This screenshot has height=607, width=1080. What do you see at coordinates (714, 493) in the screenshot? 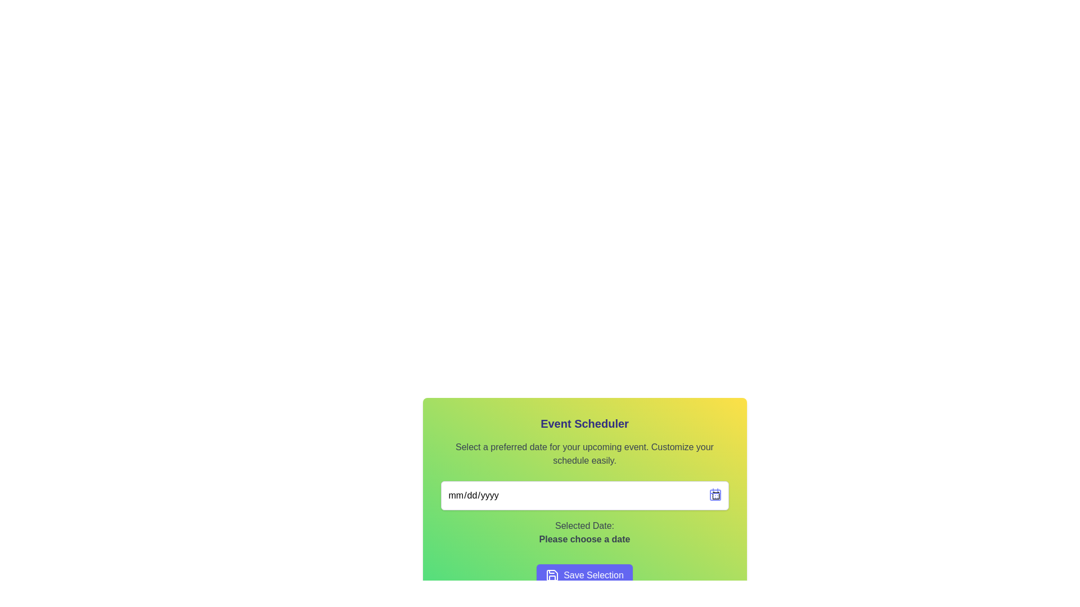
I see `the date picker icon located at the top right corner of the date picker input field` at bounding box center [714, 493].